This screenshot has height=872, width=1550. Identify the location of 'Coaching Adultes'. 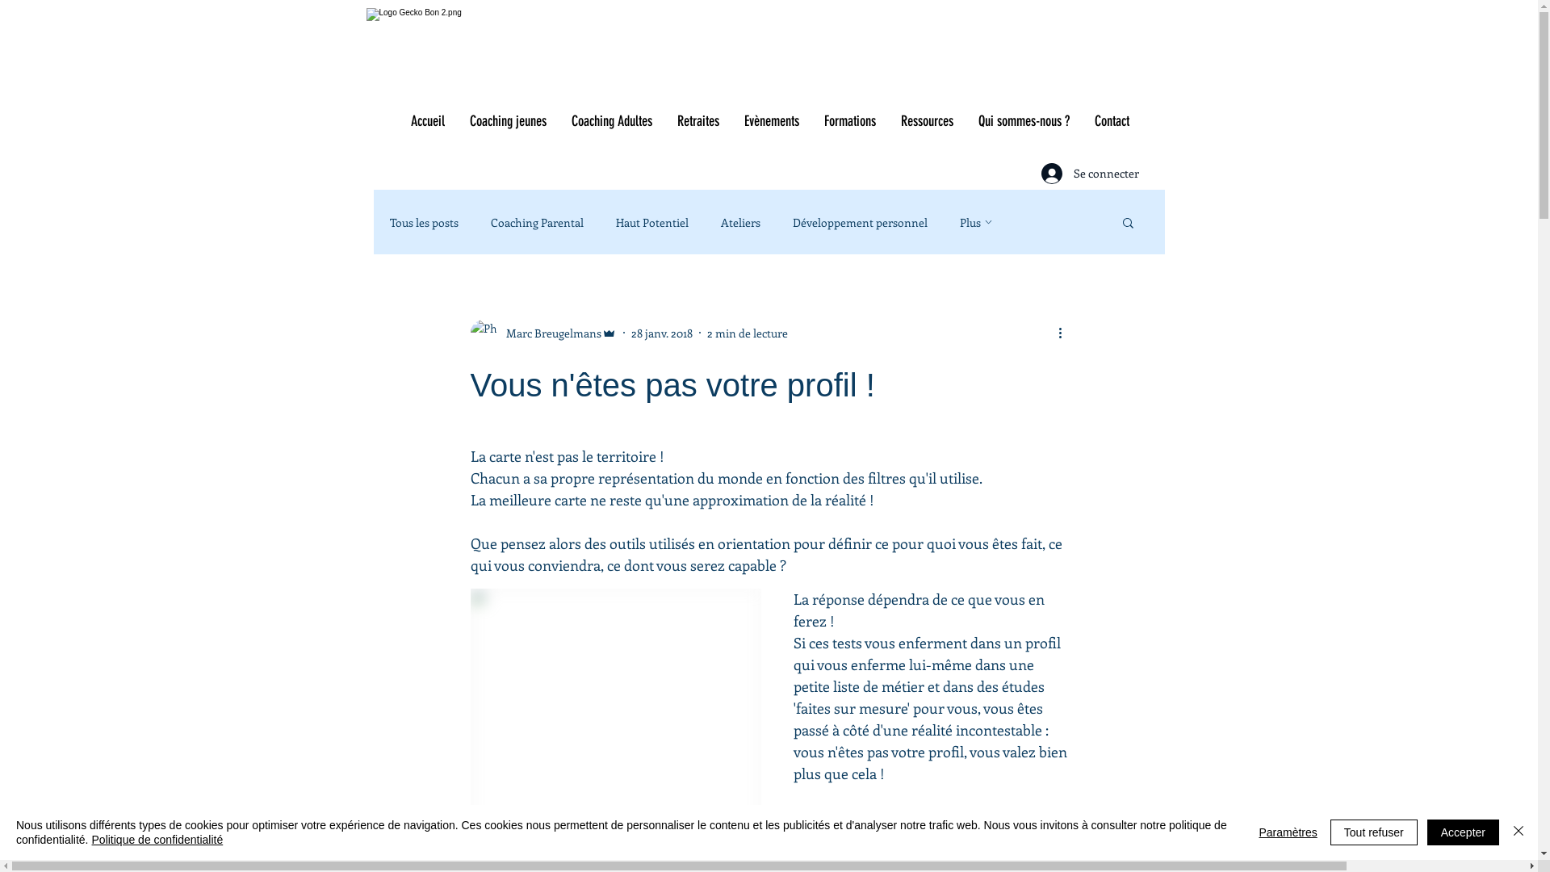
(610, 120).